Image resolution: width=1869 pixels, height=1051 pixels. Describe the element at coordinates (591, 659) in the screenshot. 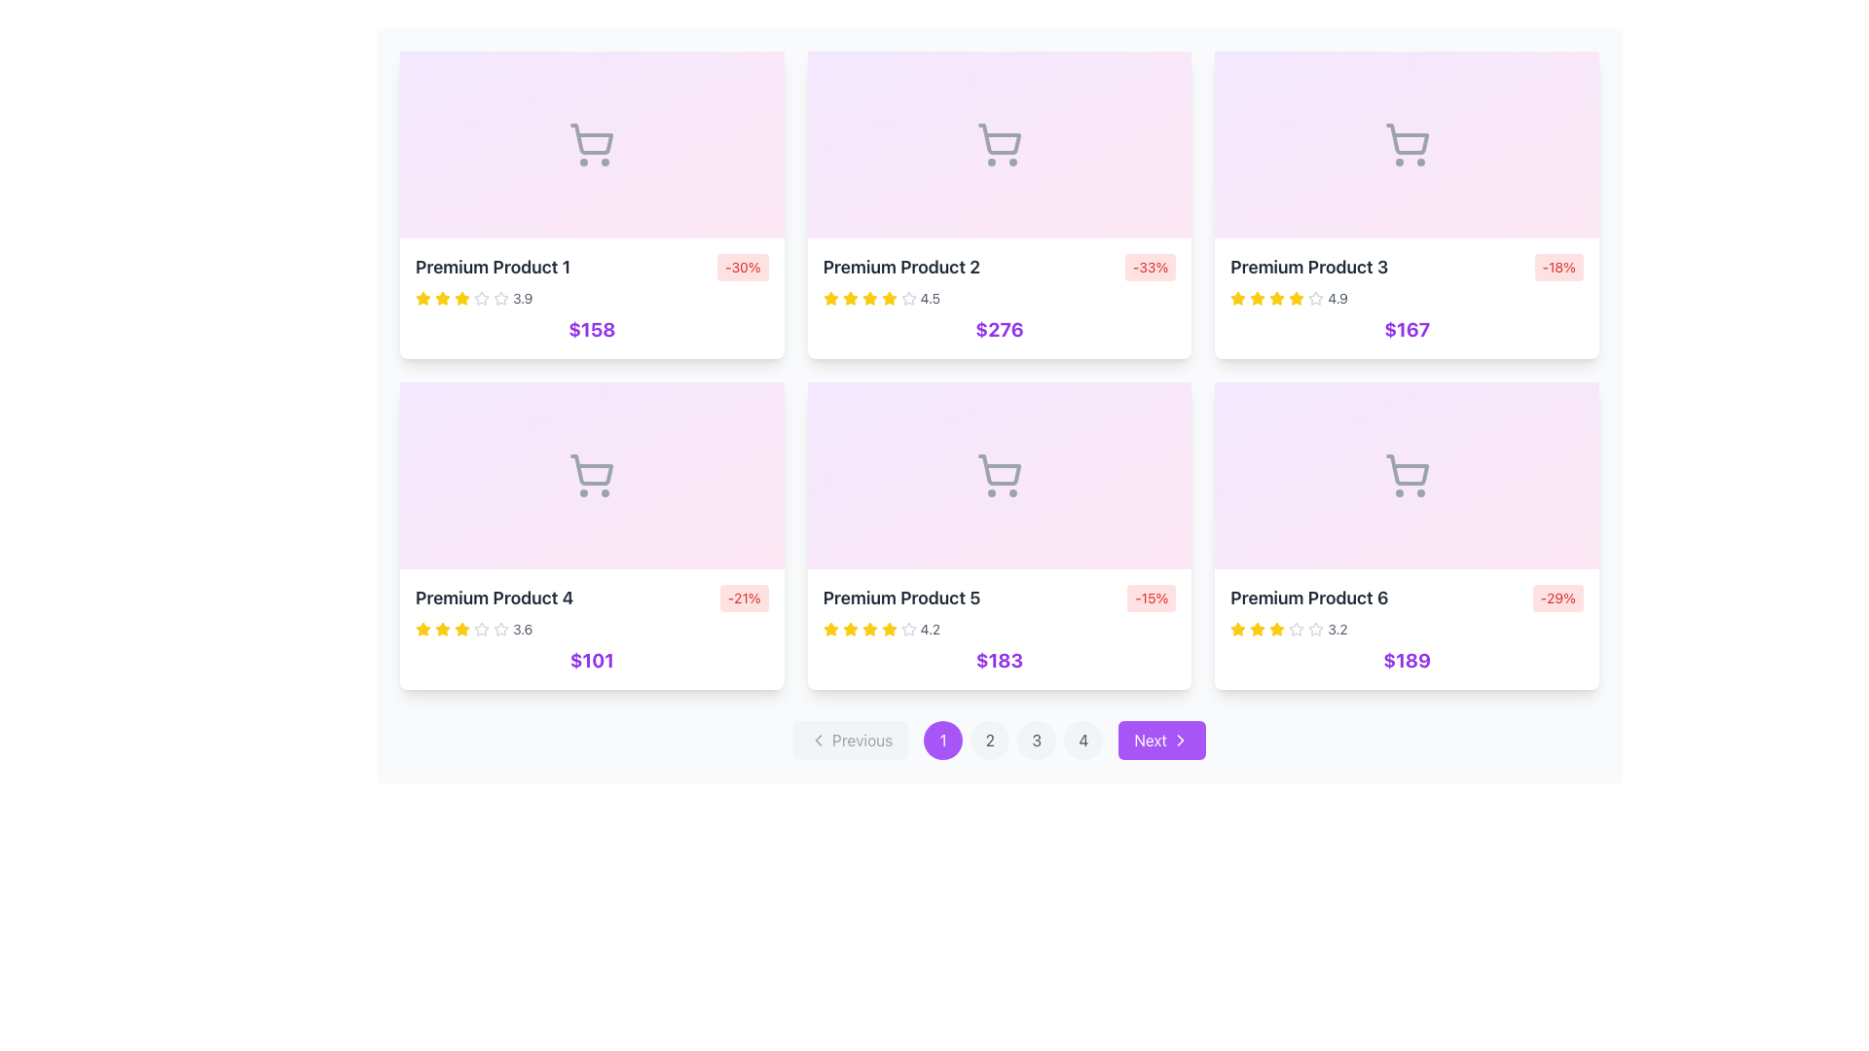

I see `static text displaying the value '$101', which is styled in bold, large purple font and located at the bottom of the 'Premium Product 4' card in the grid layout` at that location.